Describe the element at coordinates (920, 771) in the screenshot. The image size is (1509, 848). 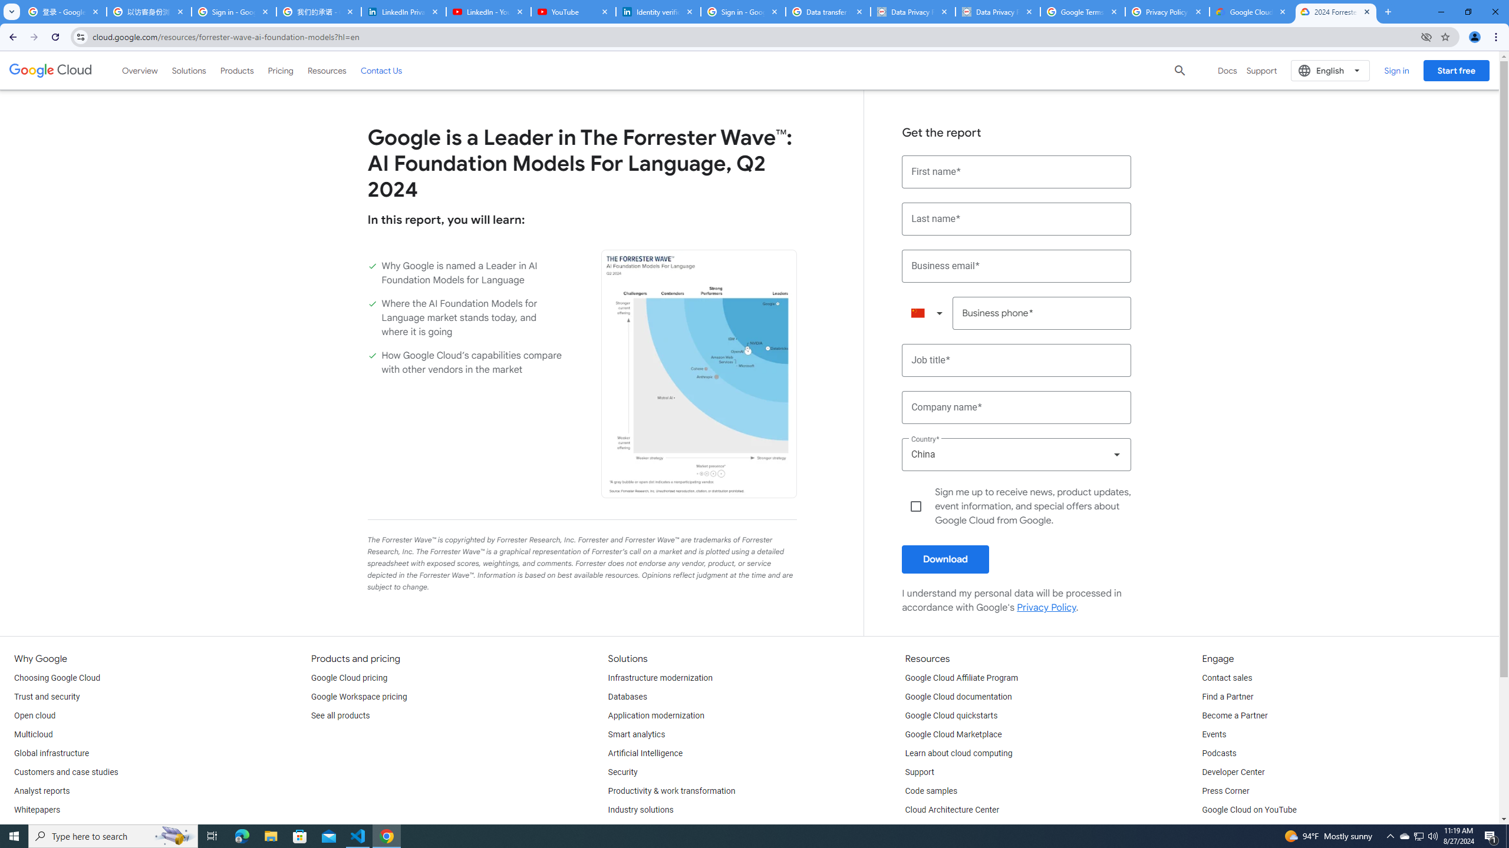
I see `'Support'` at that location.